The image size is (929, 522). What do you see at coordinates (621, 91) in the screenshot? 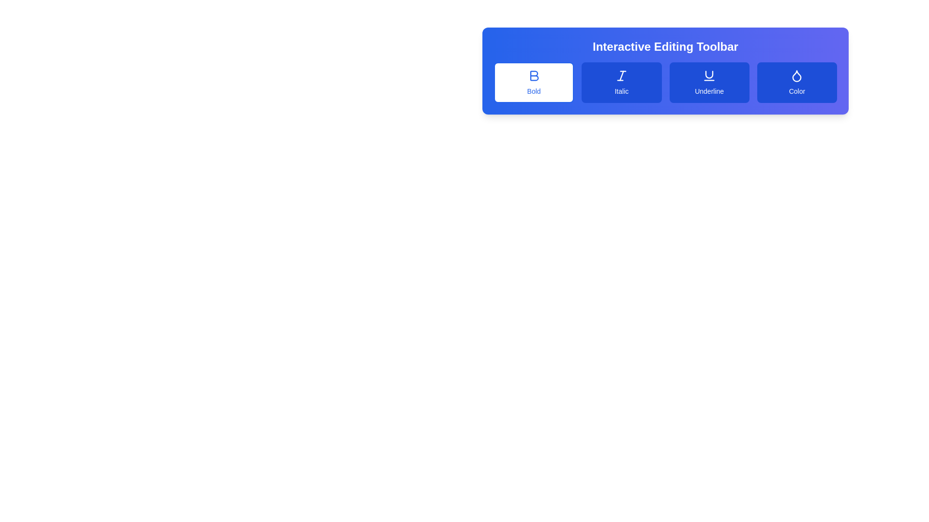
I see `label located beneath the italic button in the horizontal toolbar, which describes the associated functionality of the italicized text option` at bounding box center [621, 91].